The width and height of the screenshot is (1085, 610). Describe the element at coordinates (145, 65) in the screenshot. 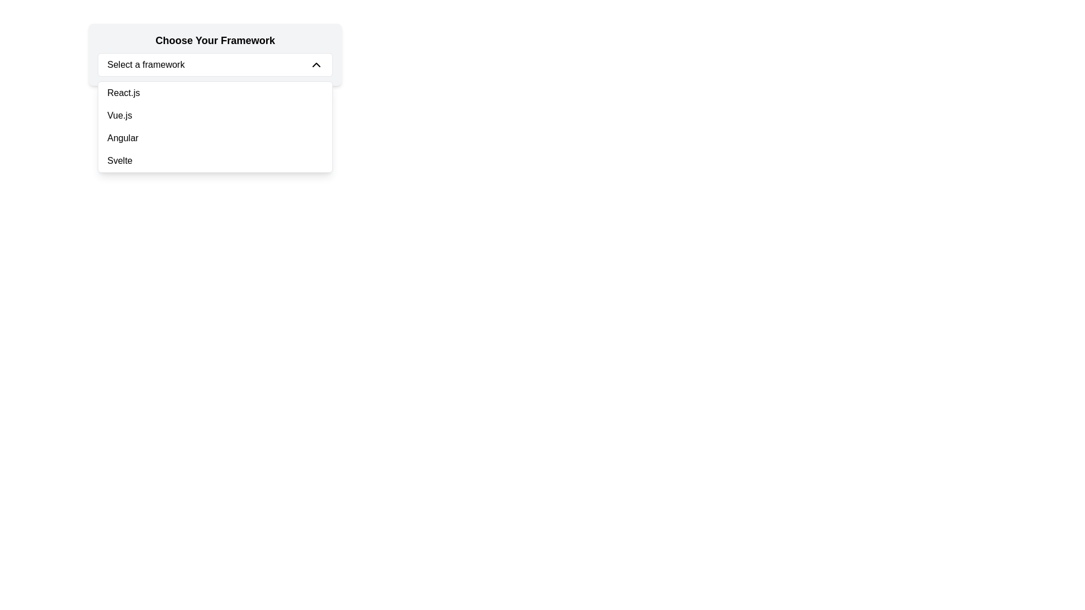

I see `the text element displaying 'Select a framework' inside the dropdown` at that location.